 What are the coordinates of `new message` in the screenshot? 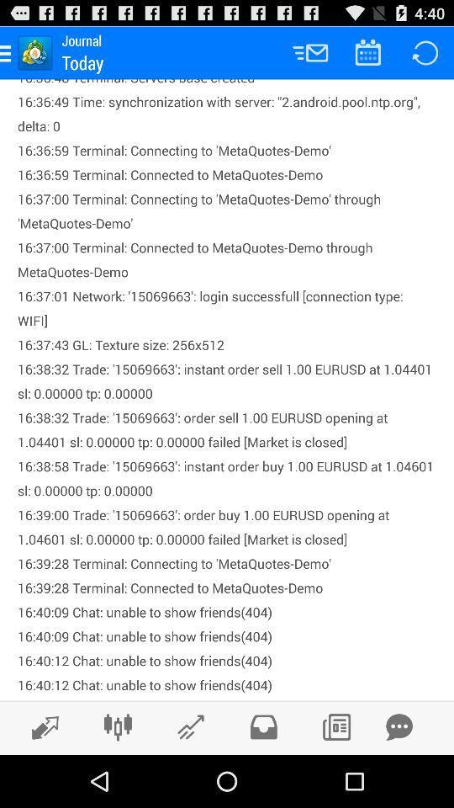 It's located at (399, 726).